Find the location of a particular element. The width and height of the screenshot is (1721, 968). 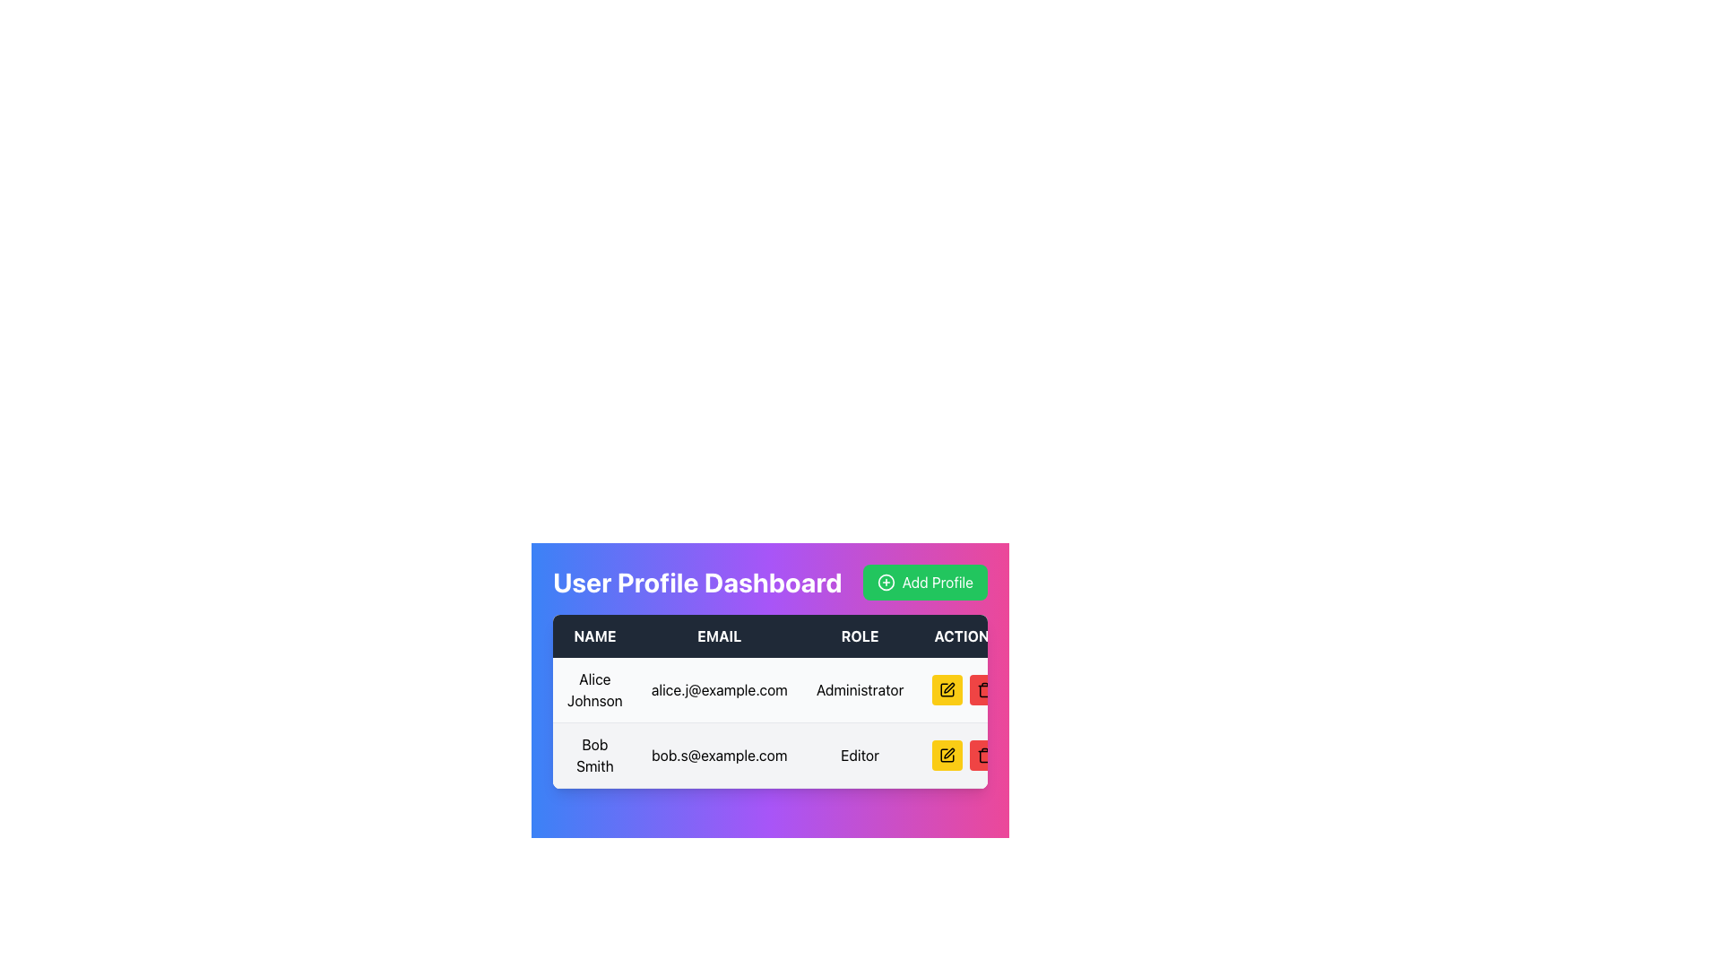

the header titled 'User Profile Dashboard' is located at coordinates (770, 583).